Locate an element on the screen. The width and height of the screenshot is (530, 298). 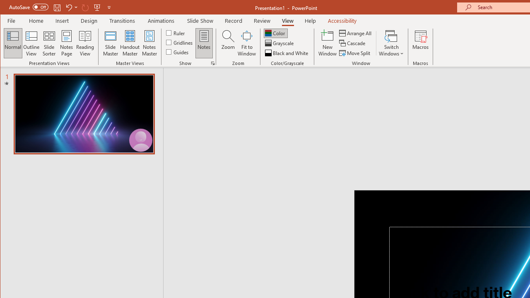
'Notes Master' is located at coordinates (149, 43).